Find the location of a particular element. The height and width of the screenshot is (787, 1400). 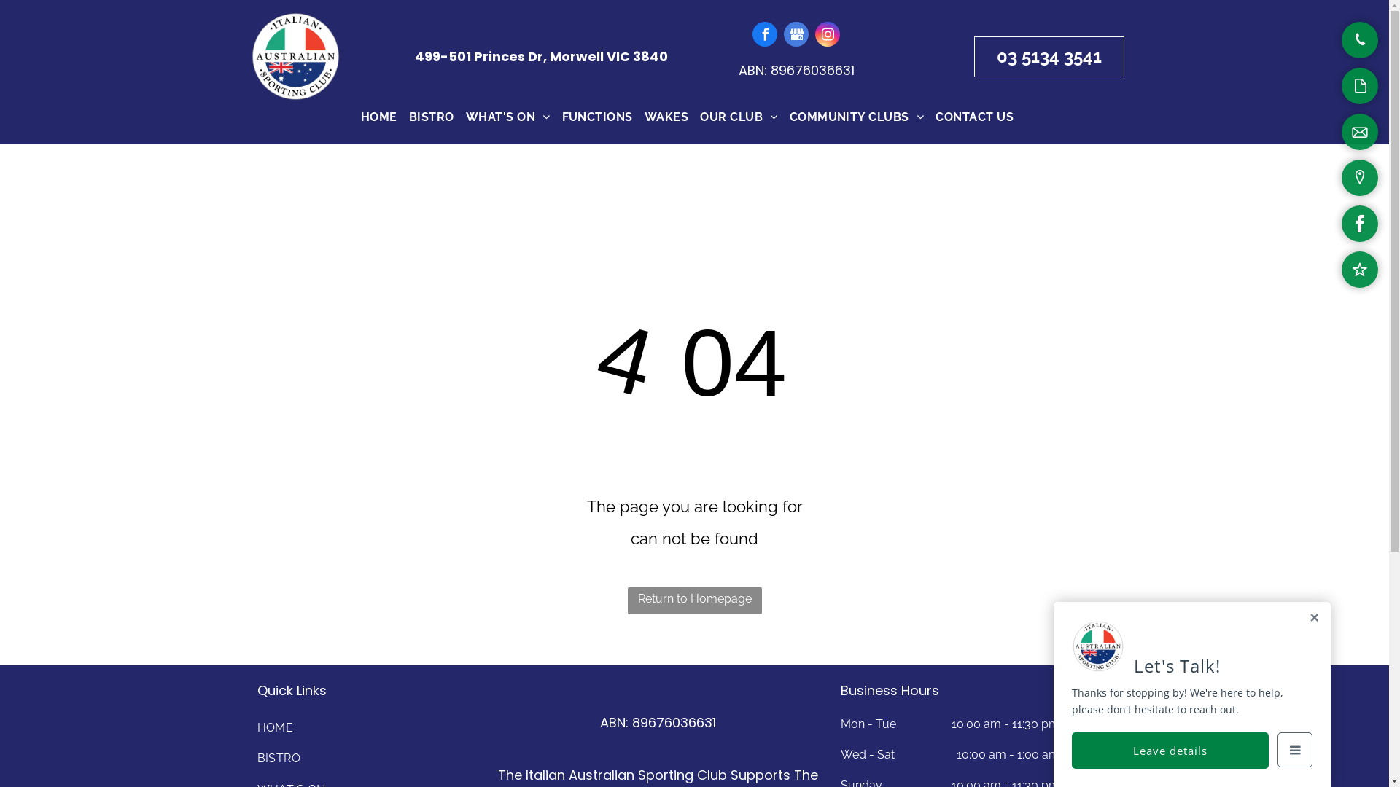

'FUNCTIONS' is located at coordinates (597, 117).